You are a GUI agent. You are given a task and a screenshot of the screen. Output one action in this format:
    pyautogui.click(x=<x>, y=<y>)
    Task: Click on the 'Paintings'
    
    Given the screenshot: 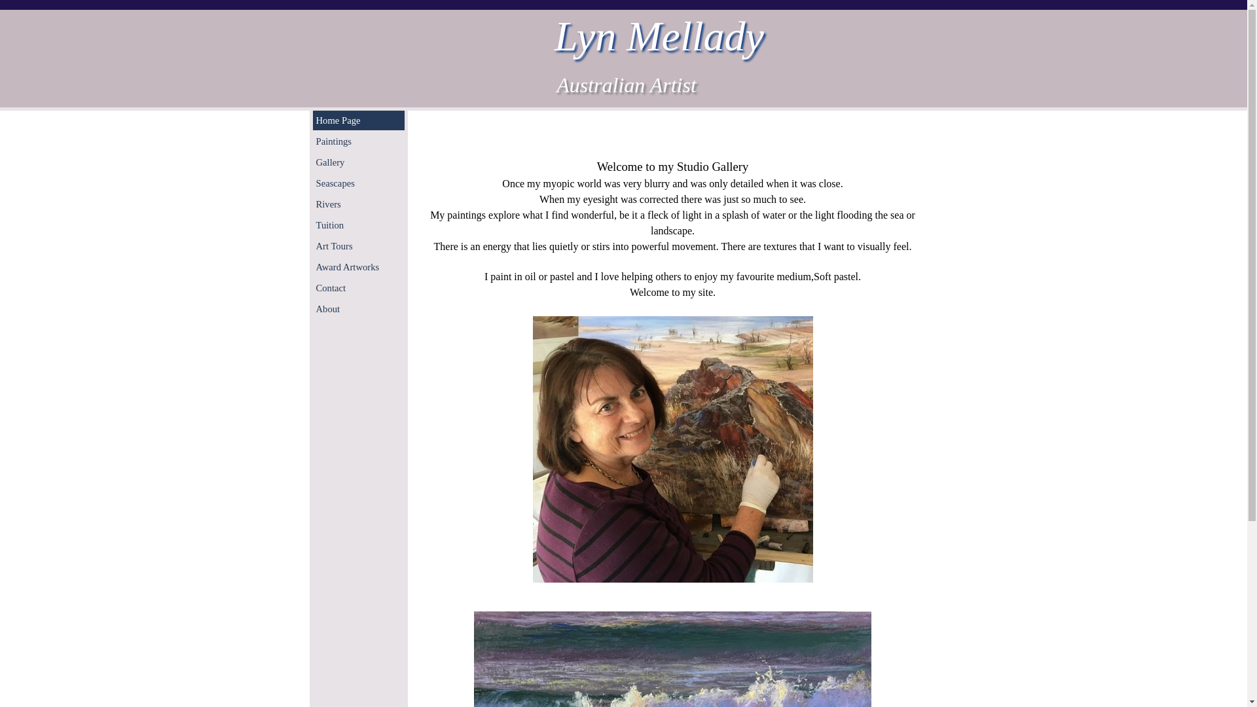 What is the action you would take?
    pyautogui.click(x=358, y=141)
    